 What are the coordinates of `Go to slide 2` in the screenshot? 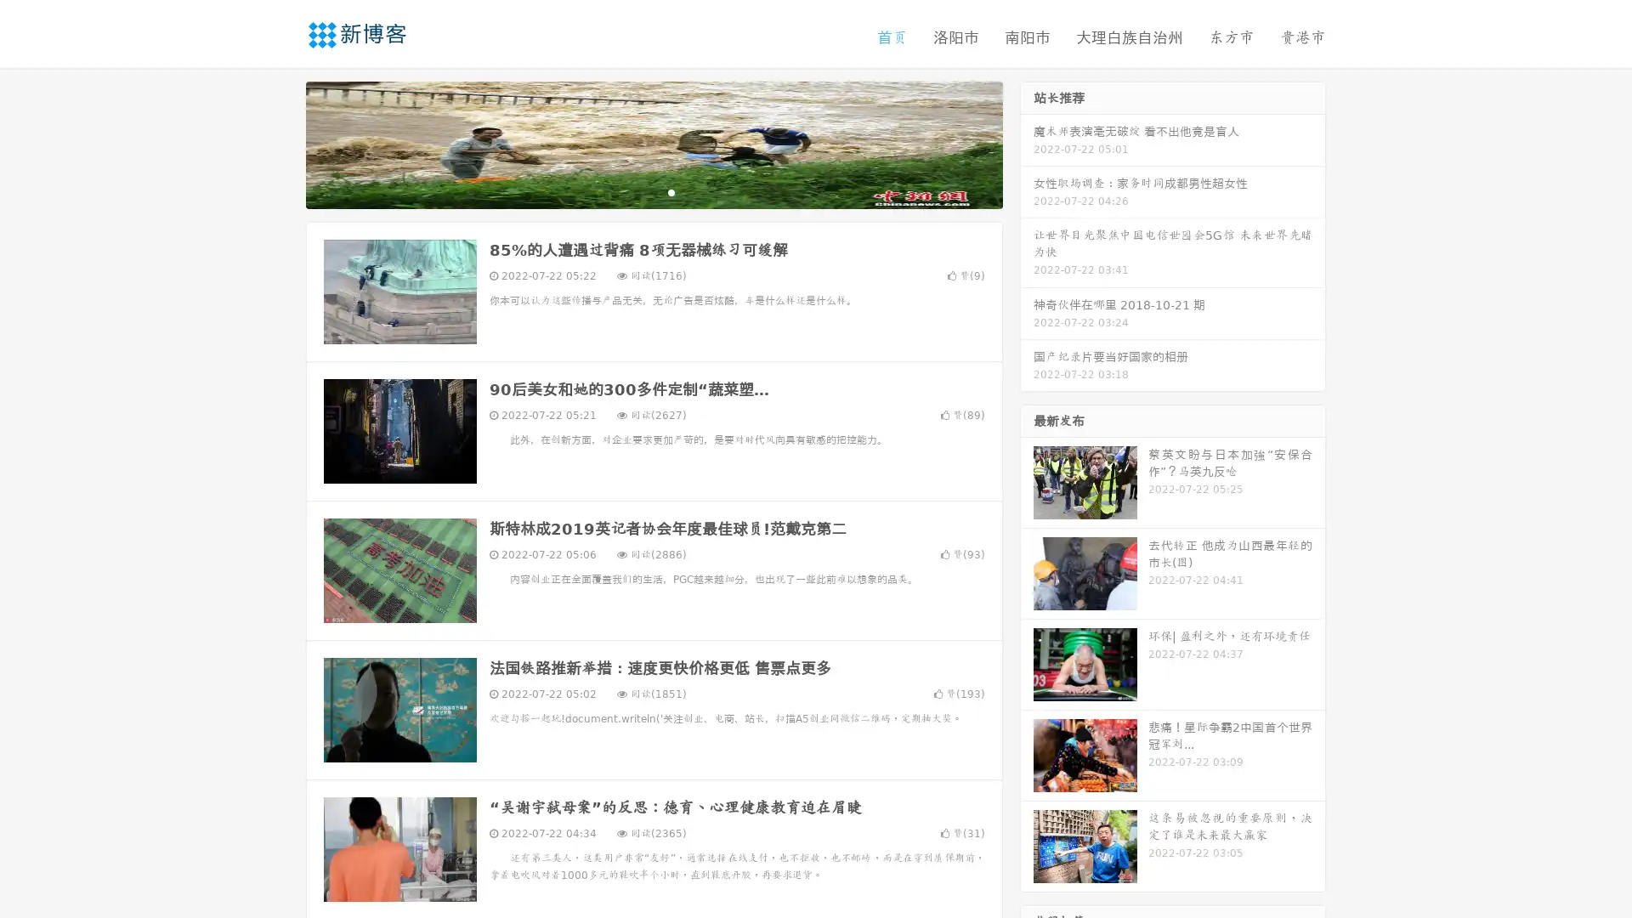 It's located at (653, 191).